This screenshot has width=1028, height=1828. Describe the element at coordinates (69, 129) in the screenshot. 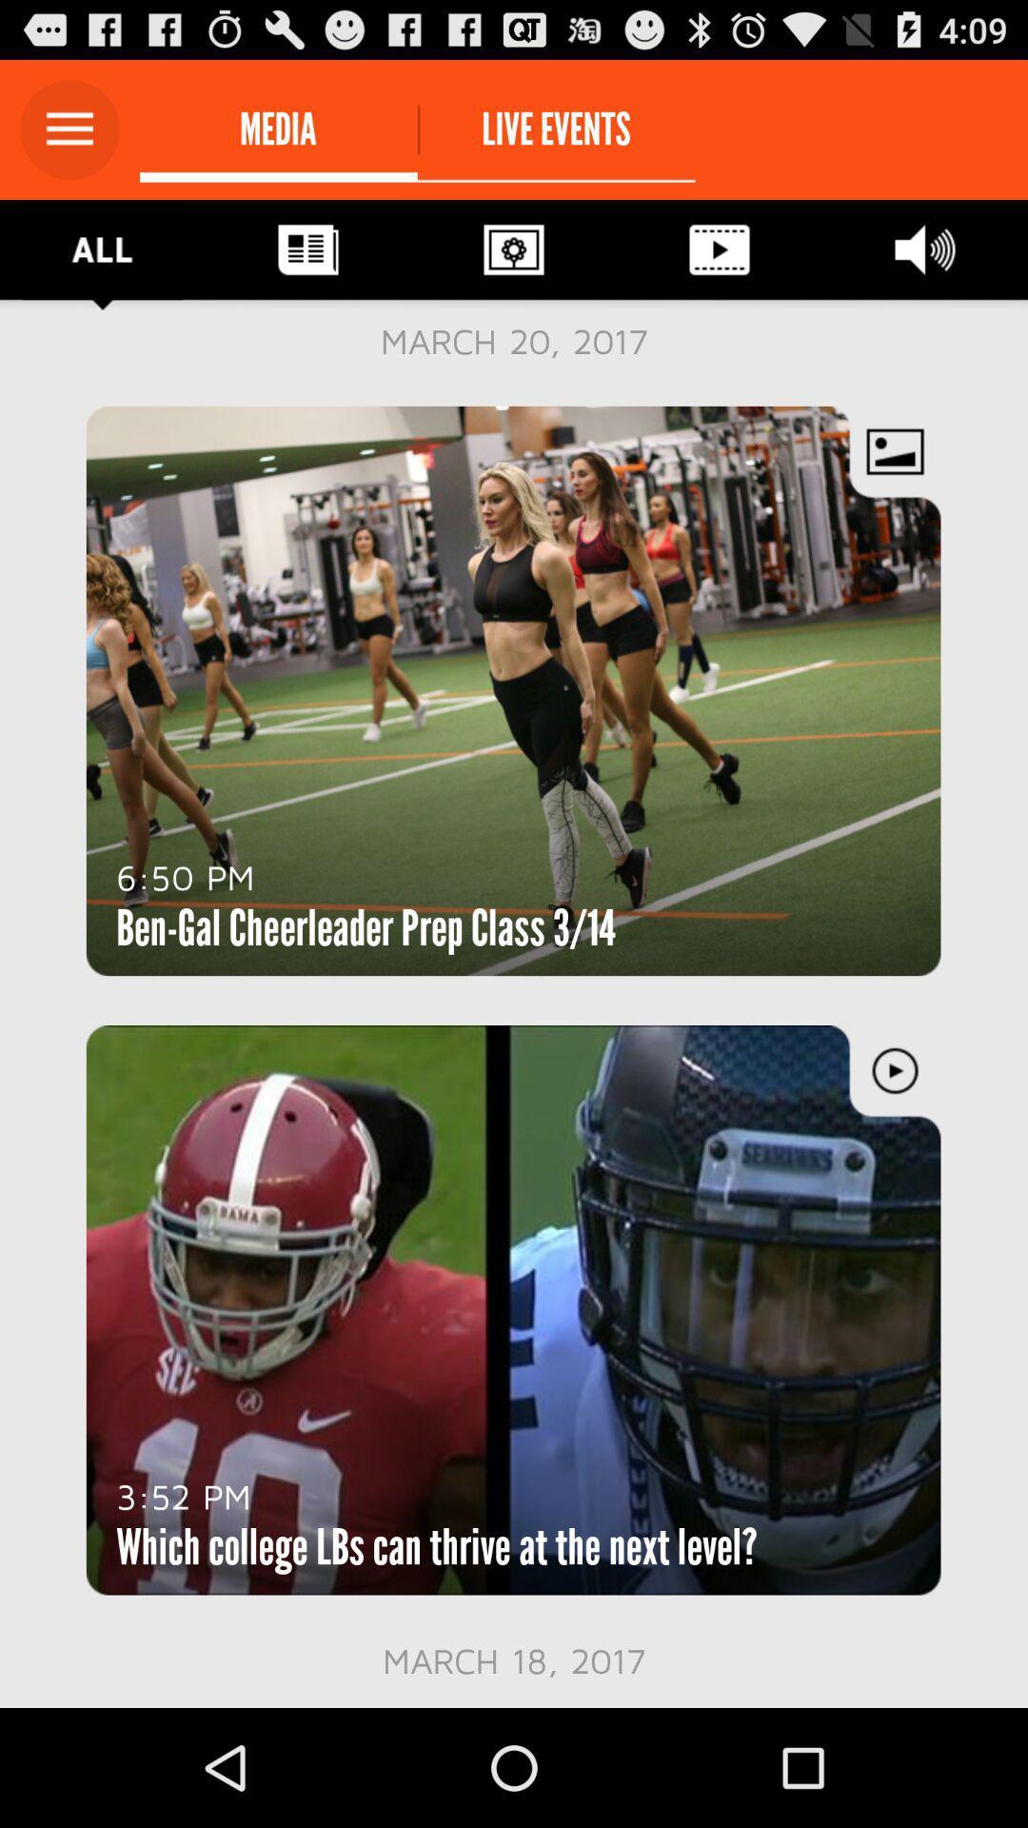

I see `item next to the media item` at that location.